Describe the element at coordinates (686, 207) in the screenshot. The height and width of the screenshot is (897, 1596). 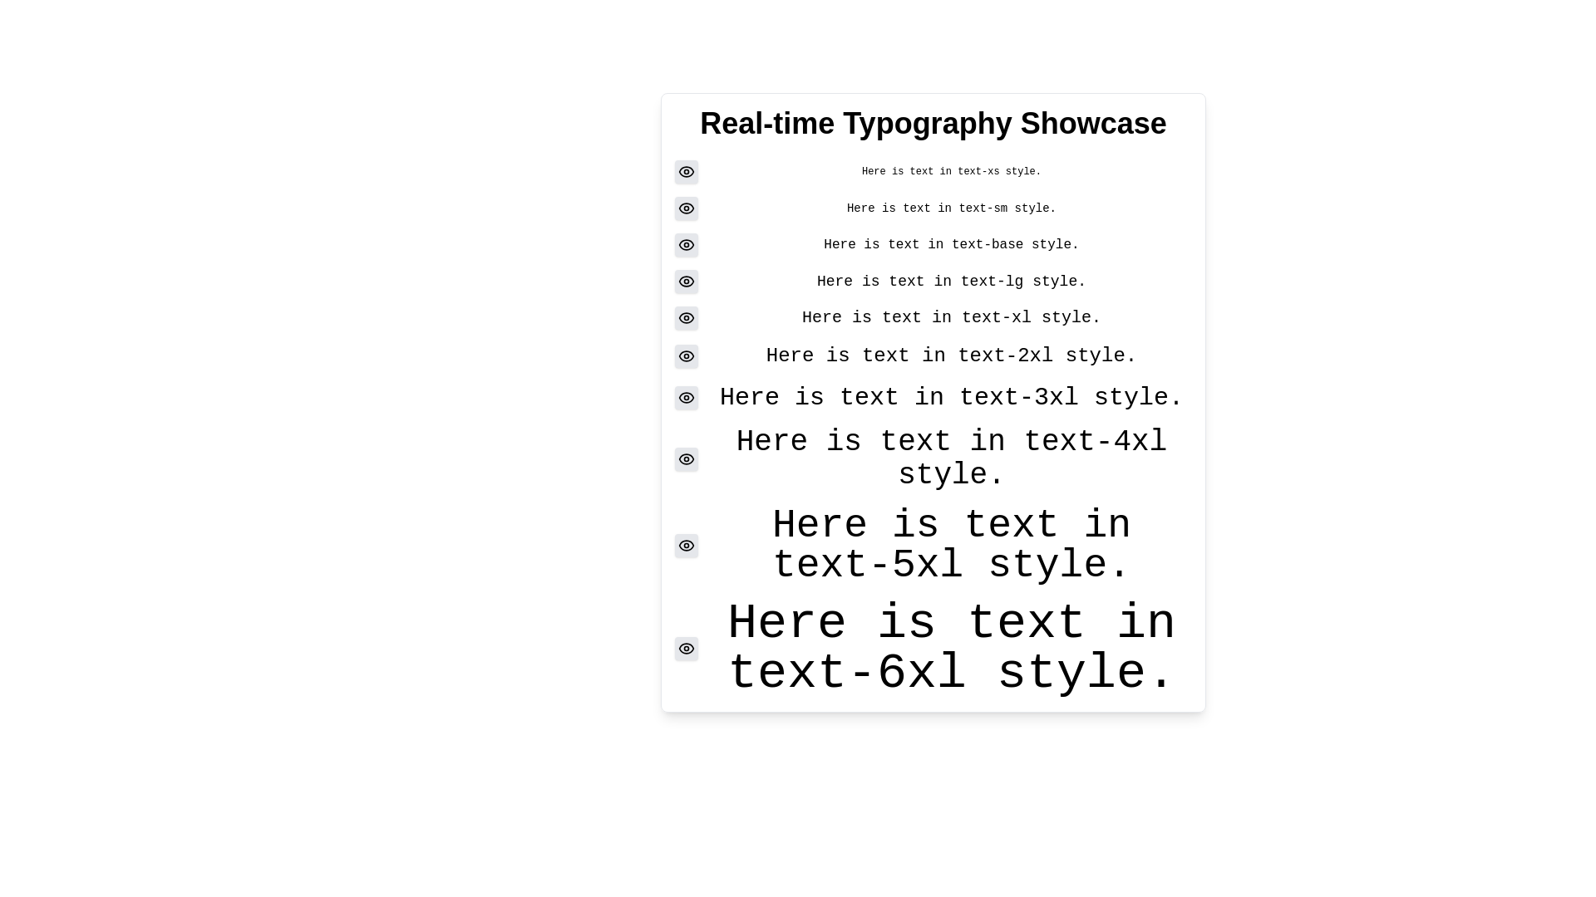
I see `the eye icon, which is a graphical representation with a circular iris and elliptical outline, located second from the top in a vertical list of similar icons` at that location.